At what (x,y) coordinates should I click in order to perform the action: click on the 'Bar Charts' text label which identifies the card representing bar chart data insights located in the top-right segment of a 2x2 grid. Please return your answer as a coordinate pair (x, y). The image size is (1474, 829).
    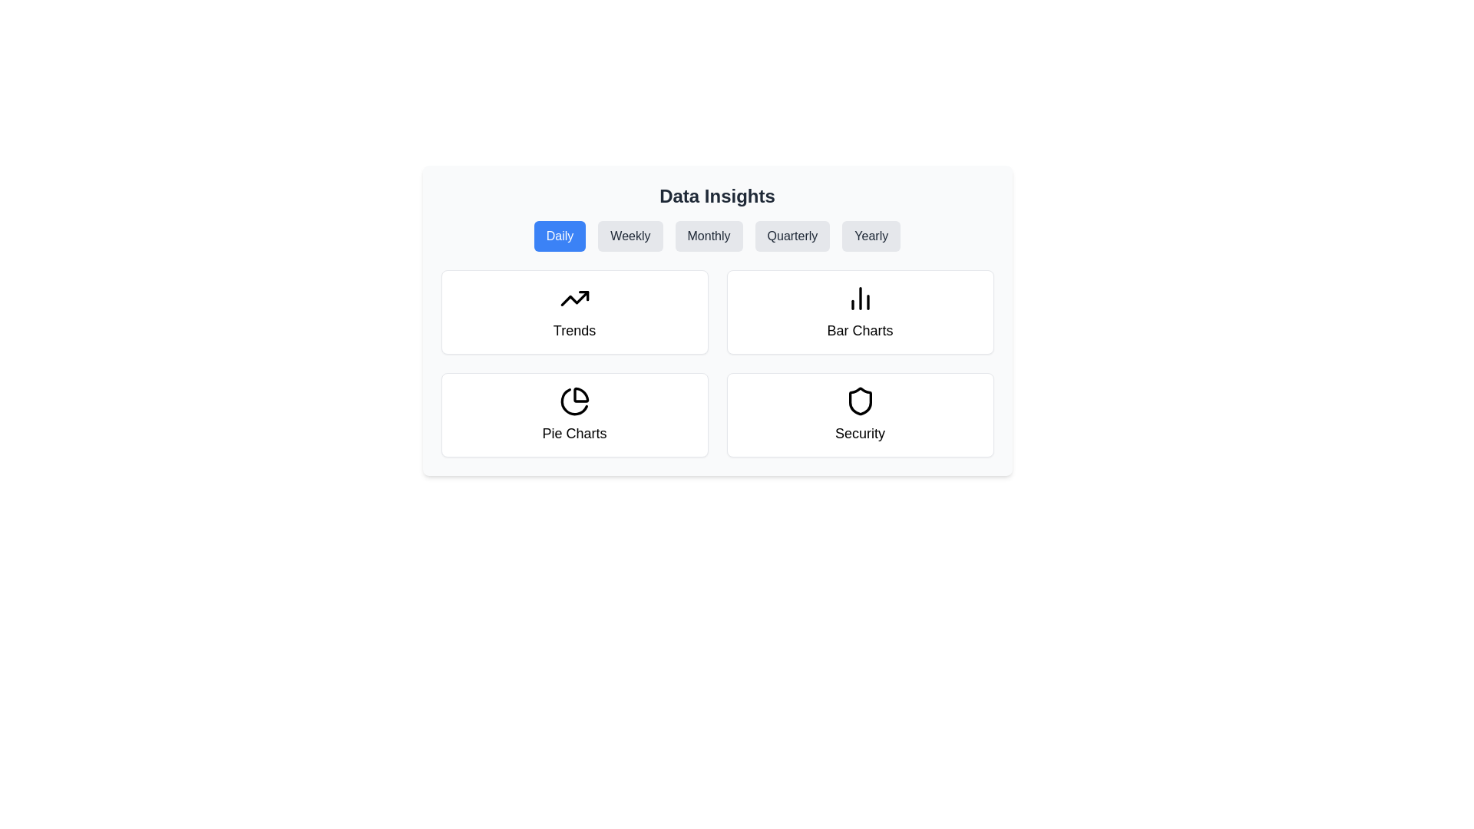
    Looking at the image, I should click on (860, 330).